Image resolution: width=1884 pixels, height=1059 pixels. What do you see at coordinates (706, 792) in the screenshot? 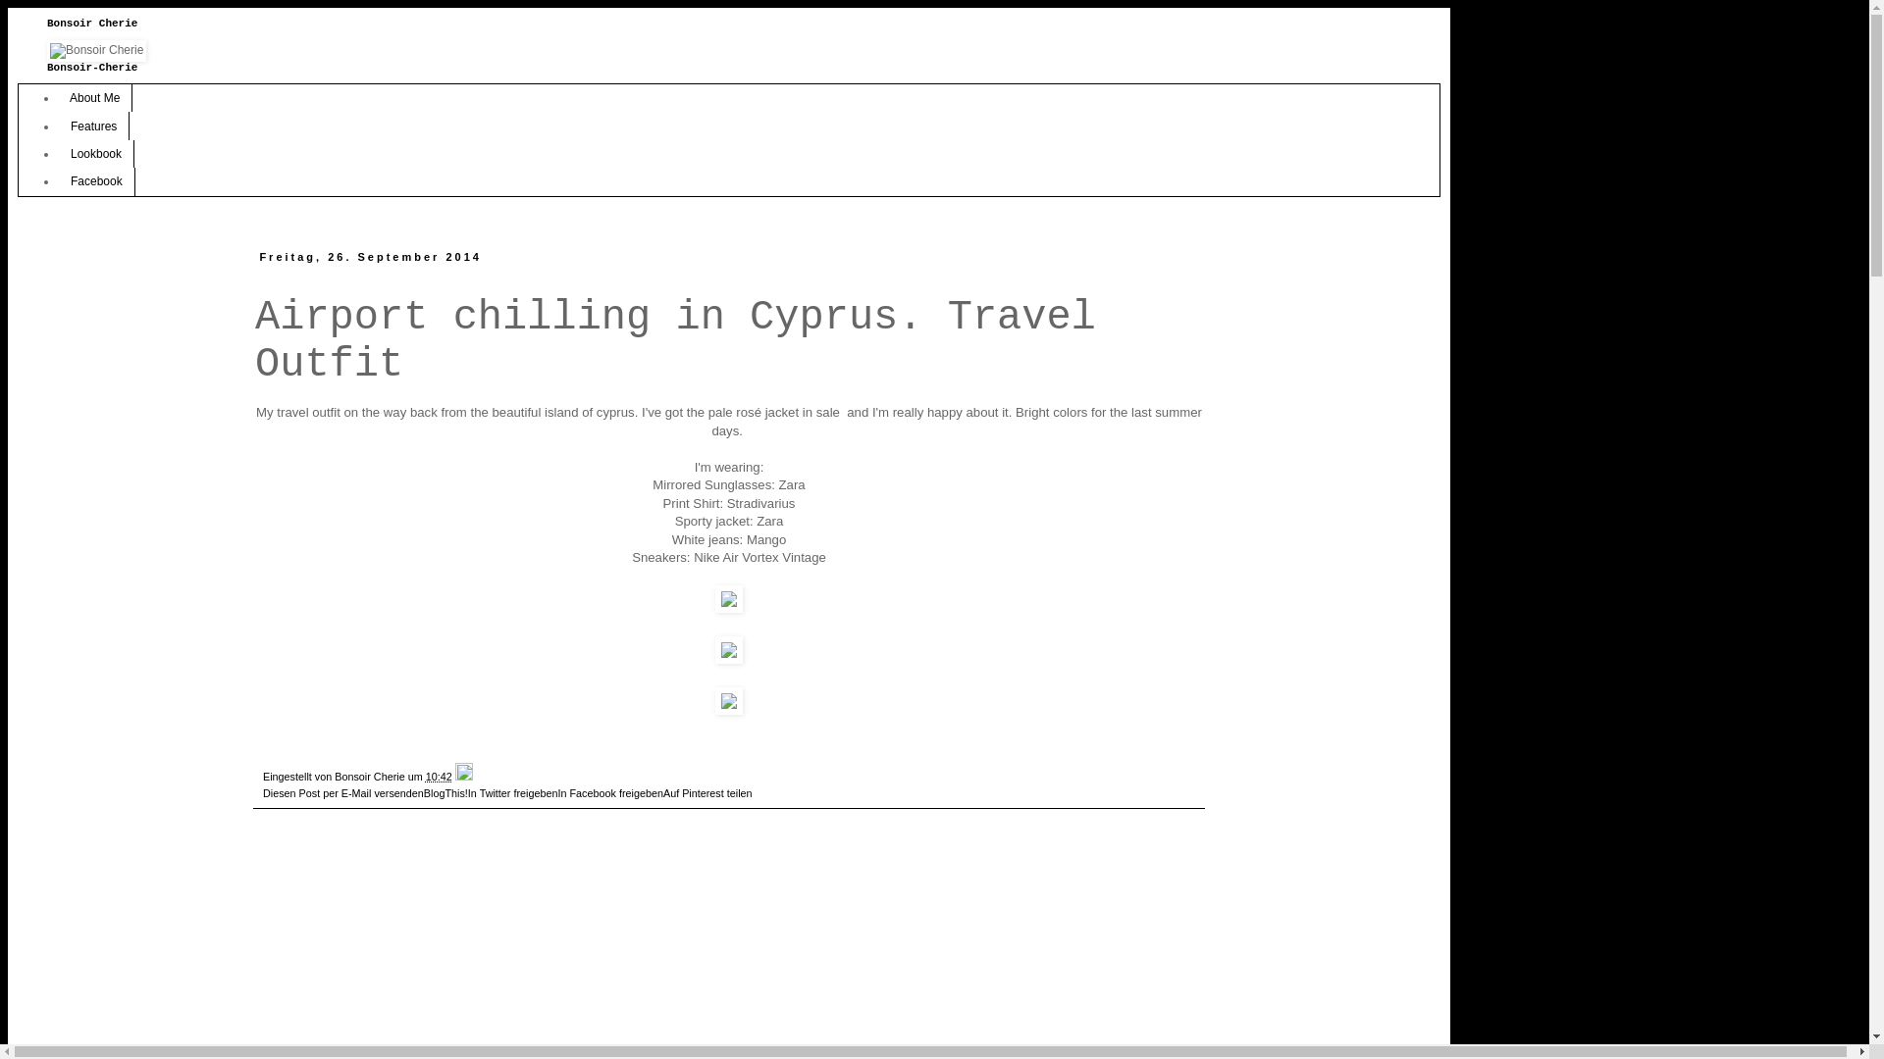
I see `'Auf Pinterest teilen'` at bounding box center [706, 792].